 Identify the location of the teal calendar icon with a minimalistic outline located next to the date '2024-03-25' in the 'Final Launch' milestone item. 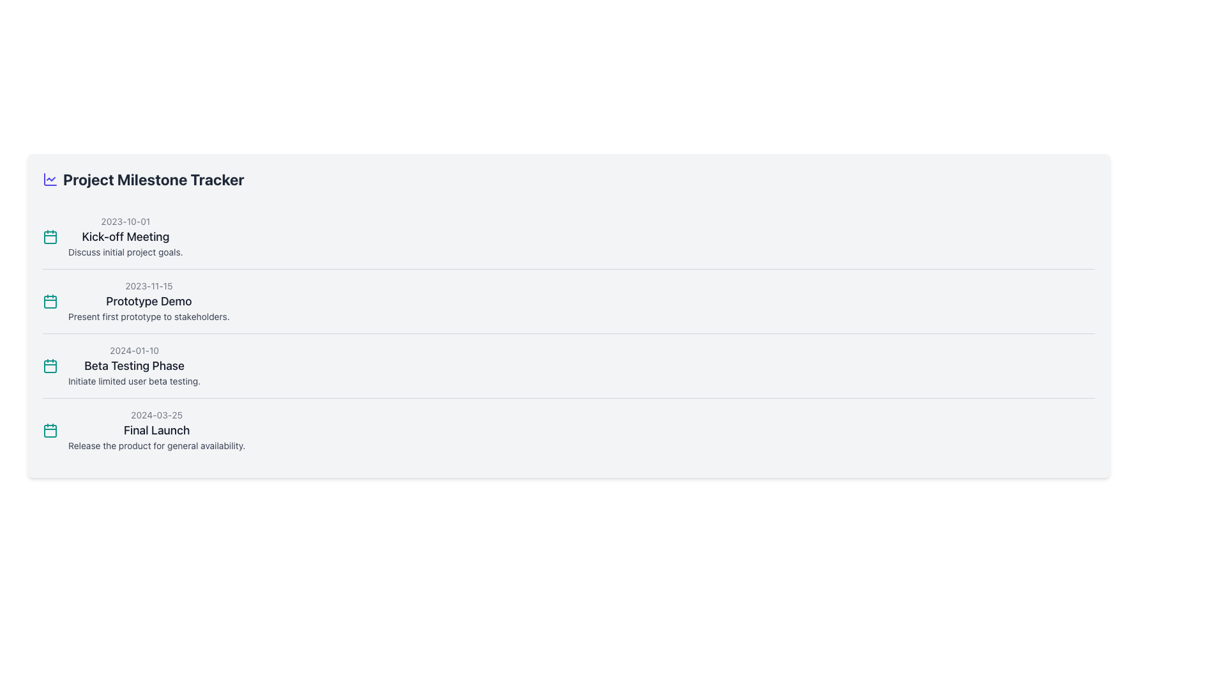
(50, 431).